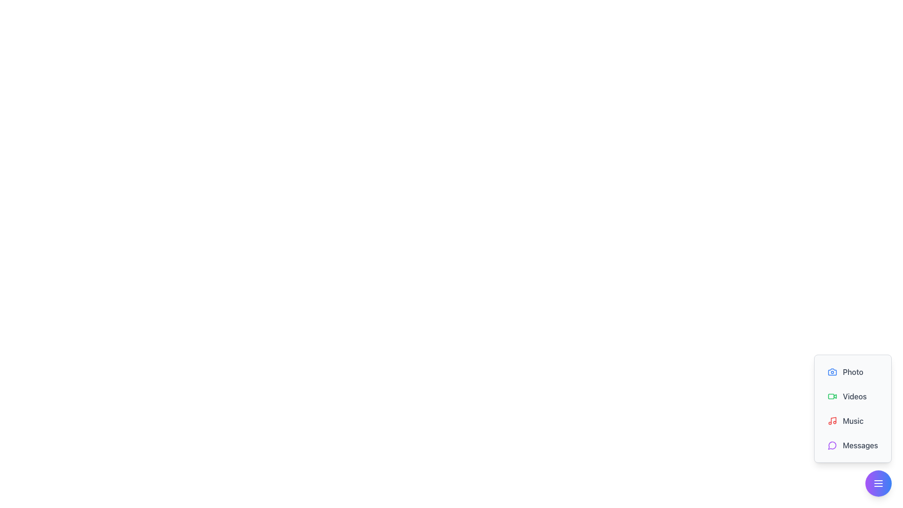 Image resolution: width=903 pixels, height=508 pixels. I want to click on the circular button with a gradient fill transitioning from purple to blue, featuring three horizontal white lines, so click(878, 484).